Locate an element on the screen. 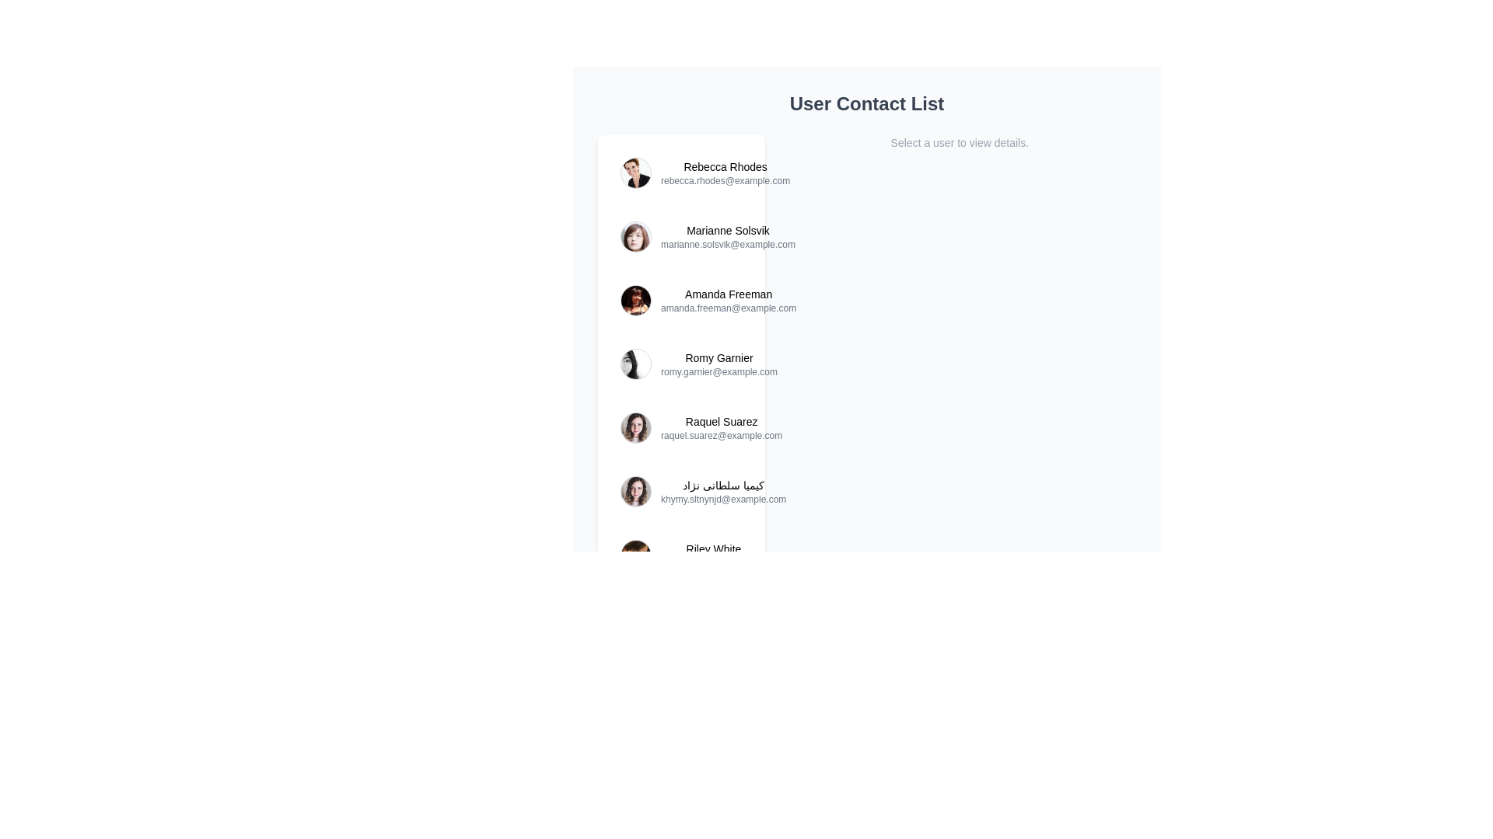 This screenshot has width=1493, height=839. email address displayed in the text label for the contact 'Amanda Freeman', which is located directly below the name in the contact list is located at coordinates (728, 308).